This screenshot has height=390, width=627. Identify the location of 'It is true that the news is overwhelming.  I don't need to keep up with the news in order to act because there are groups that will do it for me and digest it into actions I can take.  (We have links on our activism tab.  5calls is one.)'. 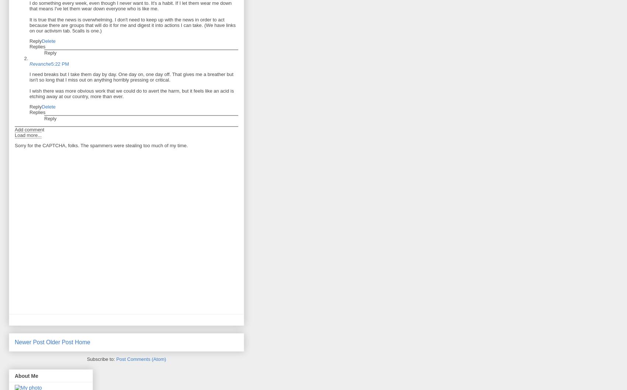
(132, 25).